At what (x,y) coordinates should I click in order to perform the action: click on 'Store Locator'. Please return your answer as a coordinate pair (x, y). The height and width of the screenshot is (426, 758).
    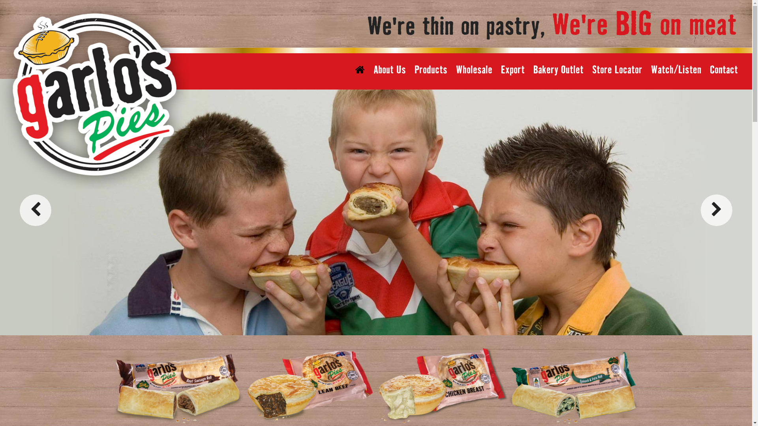
    Looking at the image, I should click on (617, 70).